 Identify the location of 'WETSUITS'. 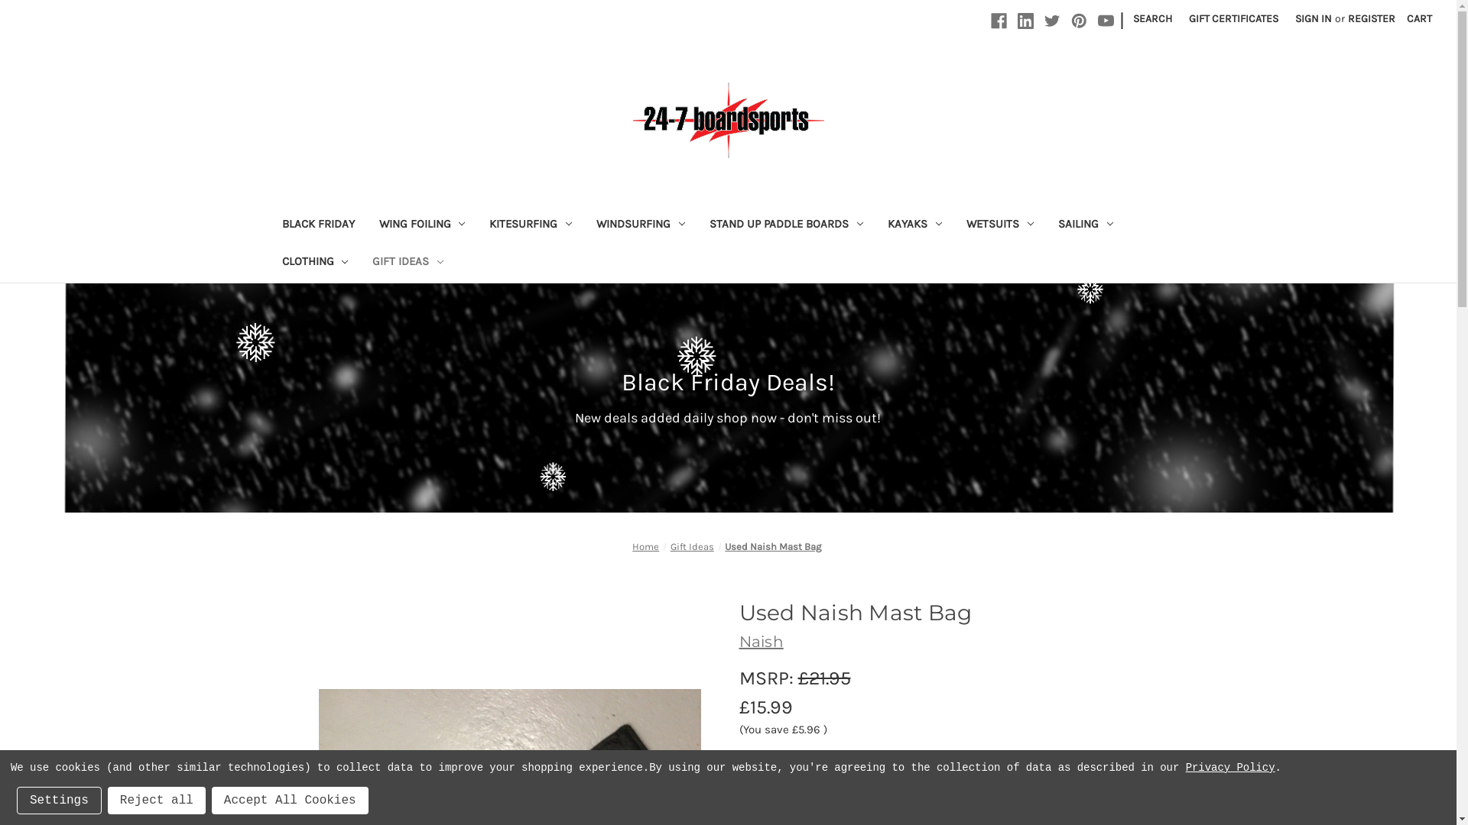
(953, 225).